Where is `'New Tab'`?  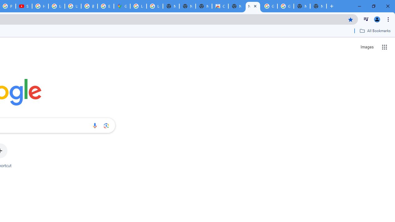
'New Tab' is located at coordinates (318, 6).